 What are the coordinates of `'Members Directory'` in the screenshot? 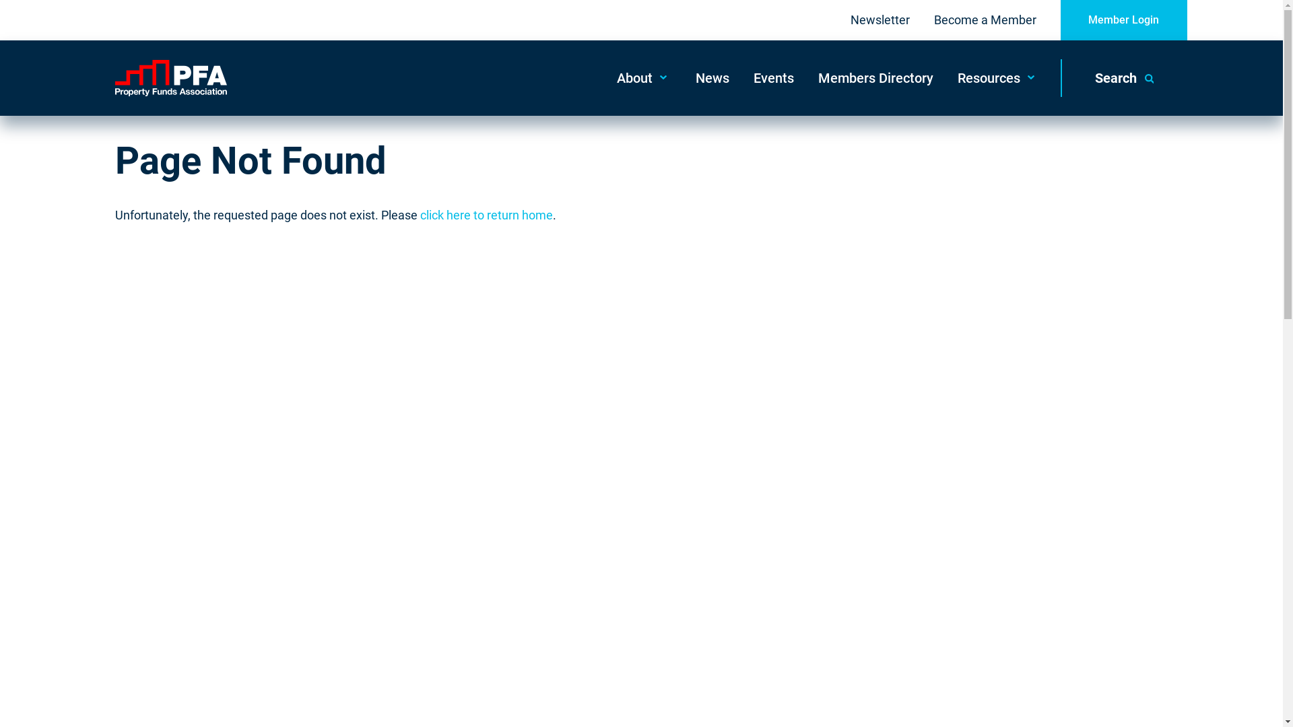 It's located at (805, 77).